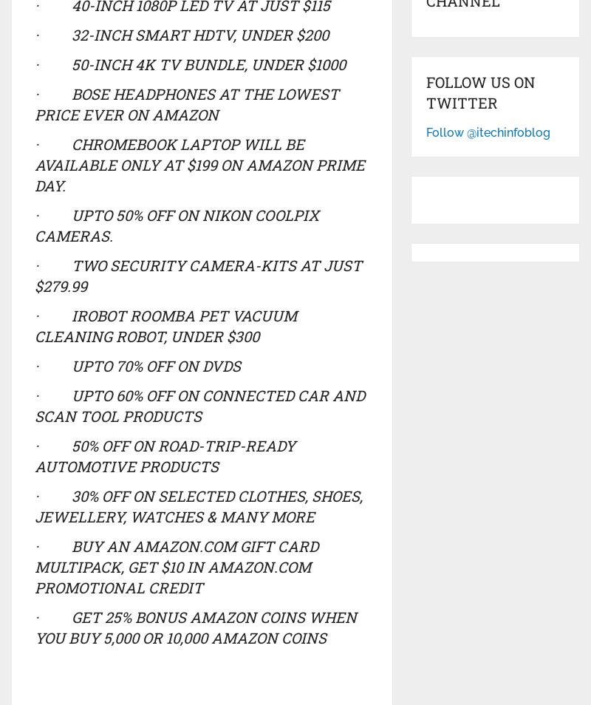  I want to click on '·         Upto 50% off on Nikon Coolpix Cameras.', so click(175, 225).